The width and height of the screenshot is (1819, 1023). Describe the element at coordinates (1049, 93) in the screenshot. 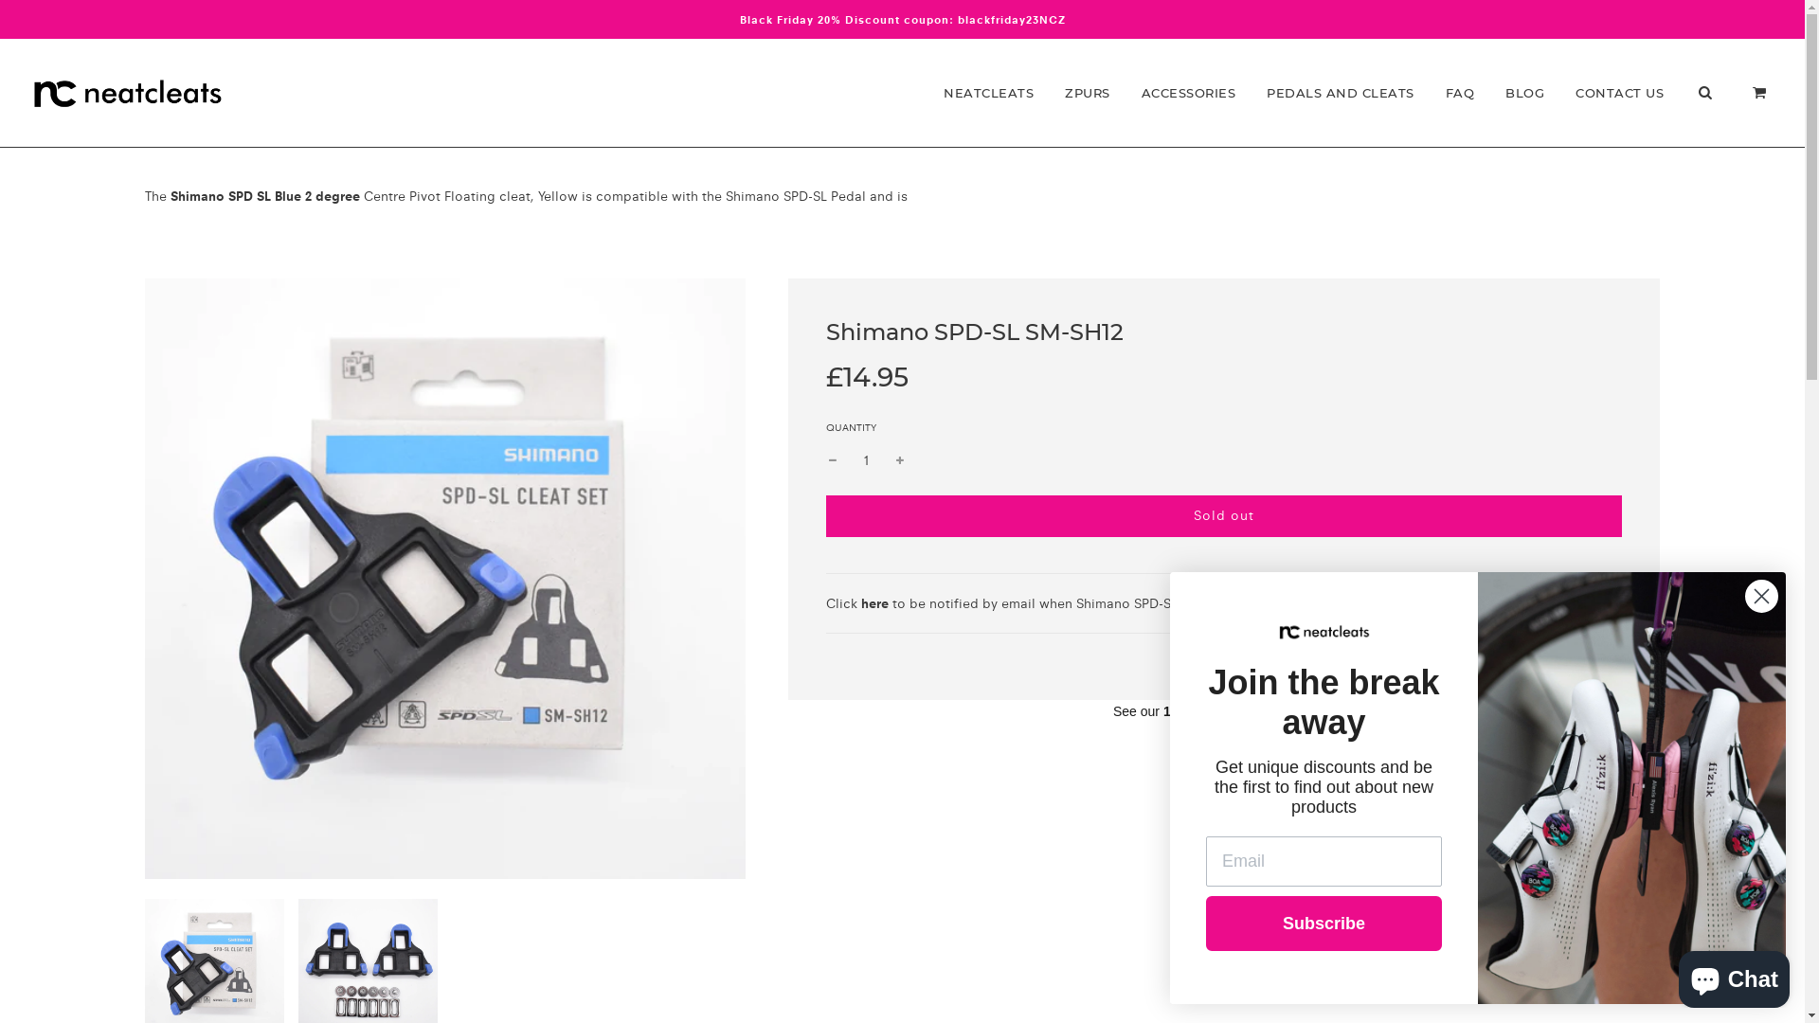

I see `'ZPURS'` at that location.